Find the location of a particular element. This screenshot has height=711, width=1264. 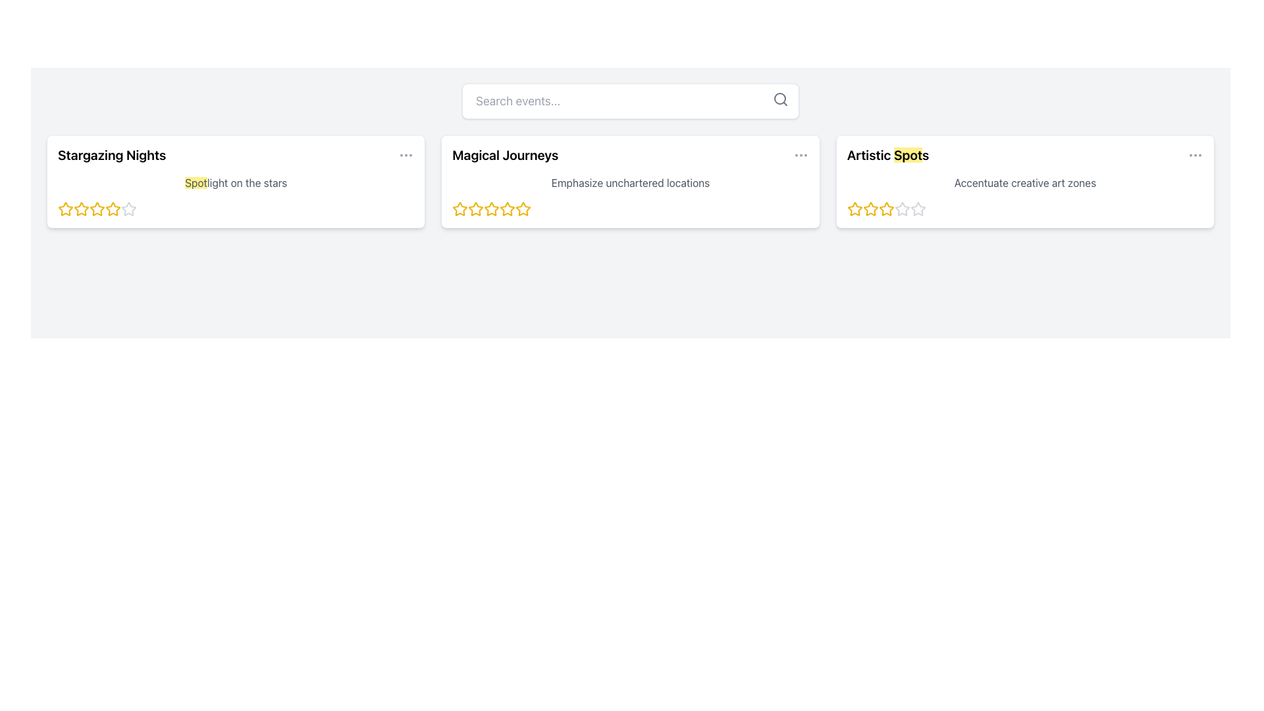

the third star icon in the group of five stars for rating in the 'Artistic Spots' section is located at coordinates (870, 208).